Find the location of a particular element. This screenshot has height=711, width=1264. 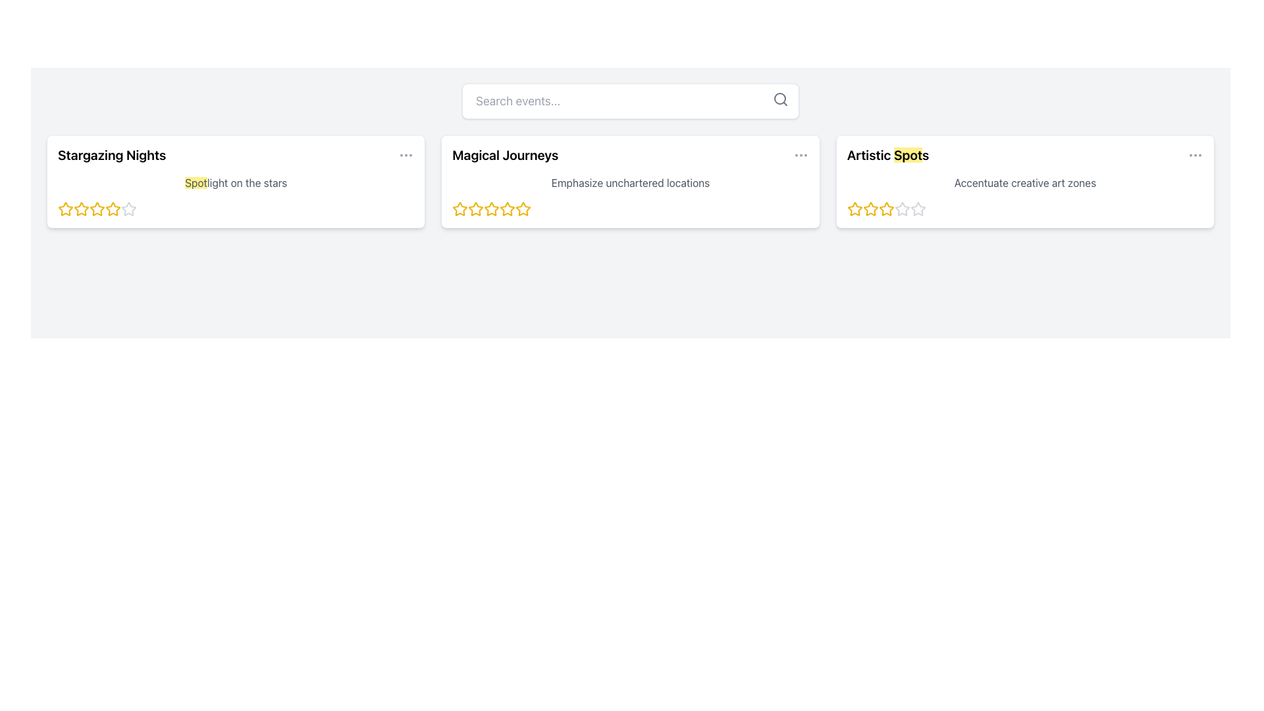

the third star icon in the group of five stars for rating in the 'Artistic Spots' section is located at coordinates (870, 208).